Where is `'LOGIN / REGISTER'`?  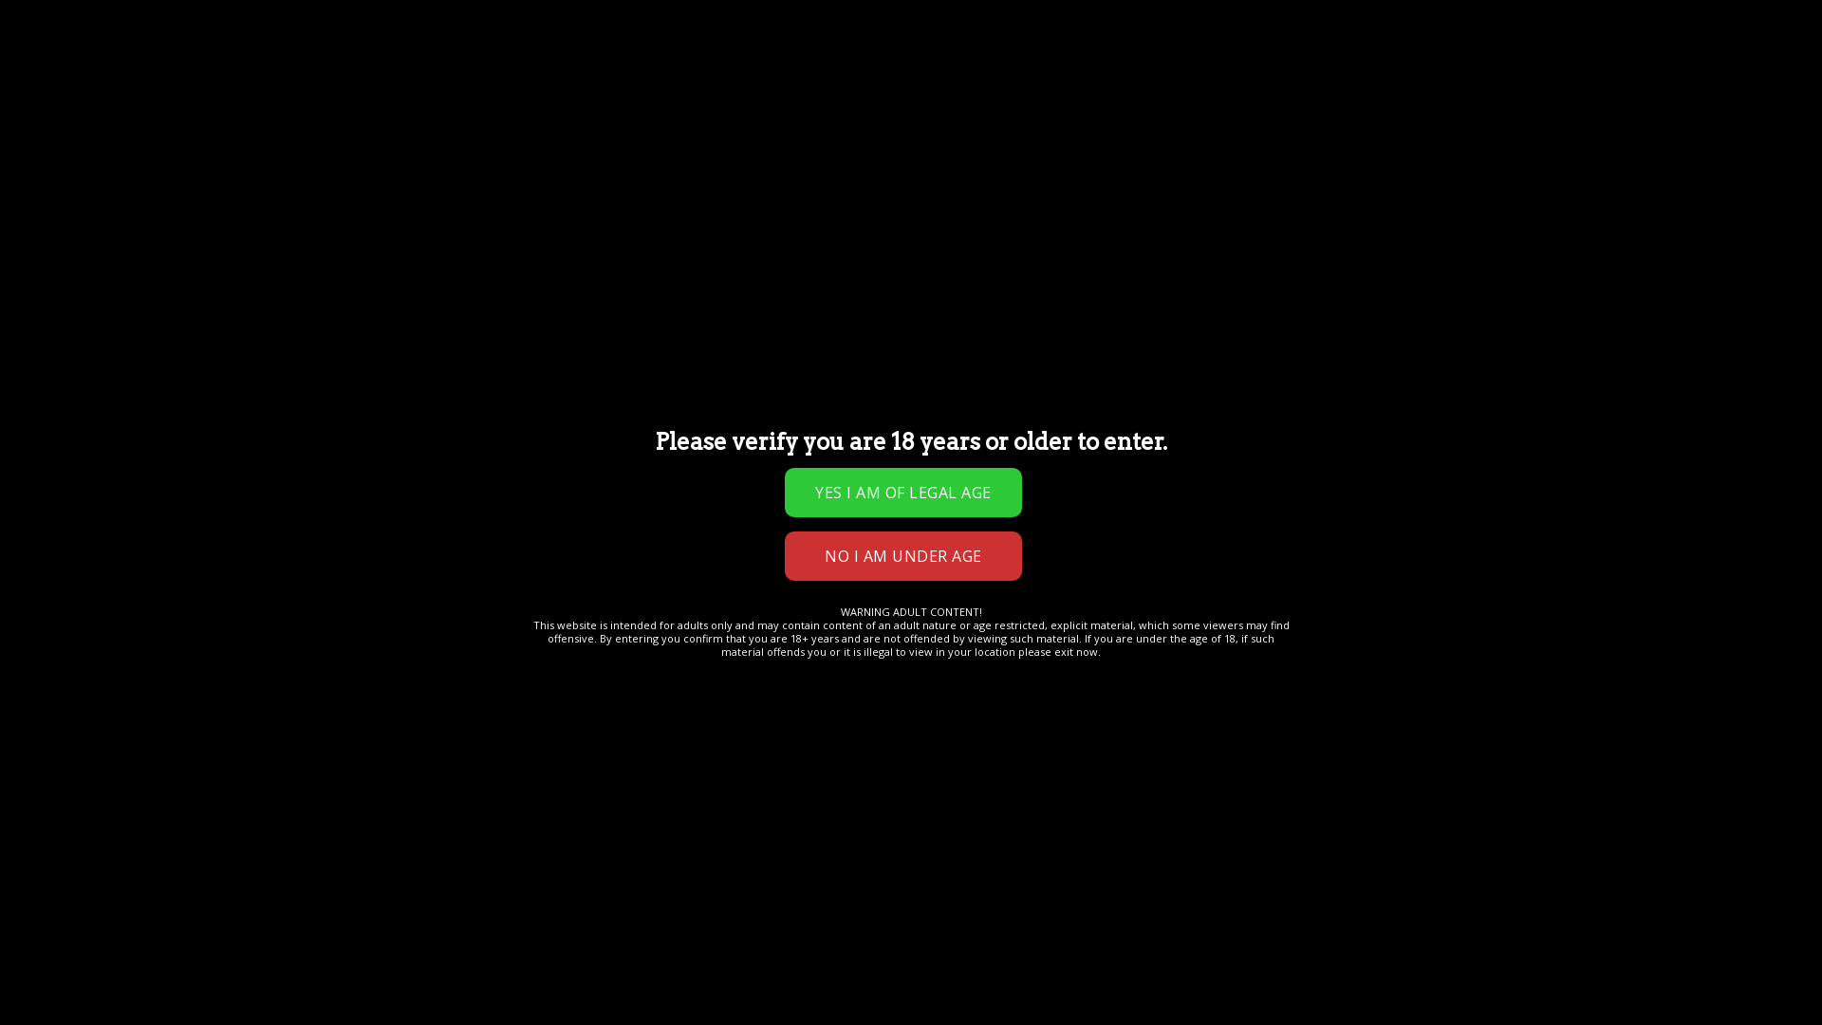
'LOGIN / REGISTER' is located at coordinates (851, 43).